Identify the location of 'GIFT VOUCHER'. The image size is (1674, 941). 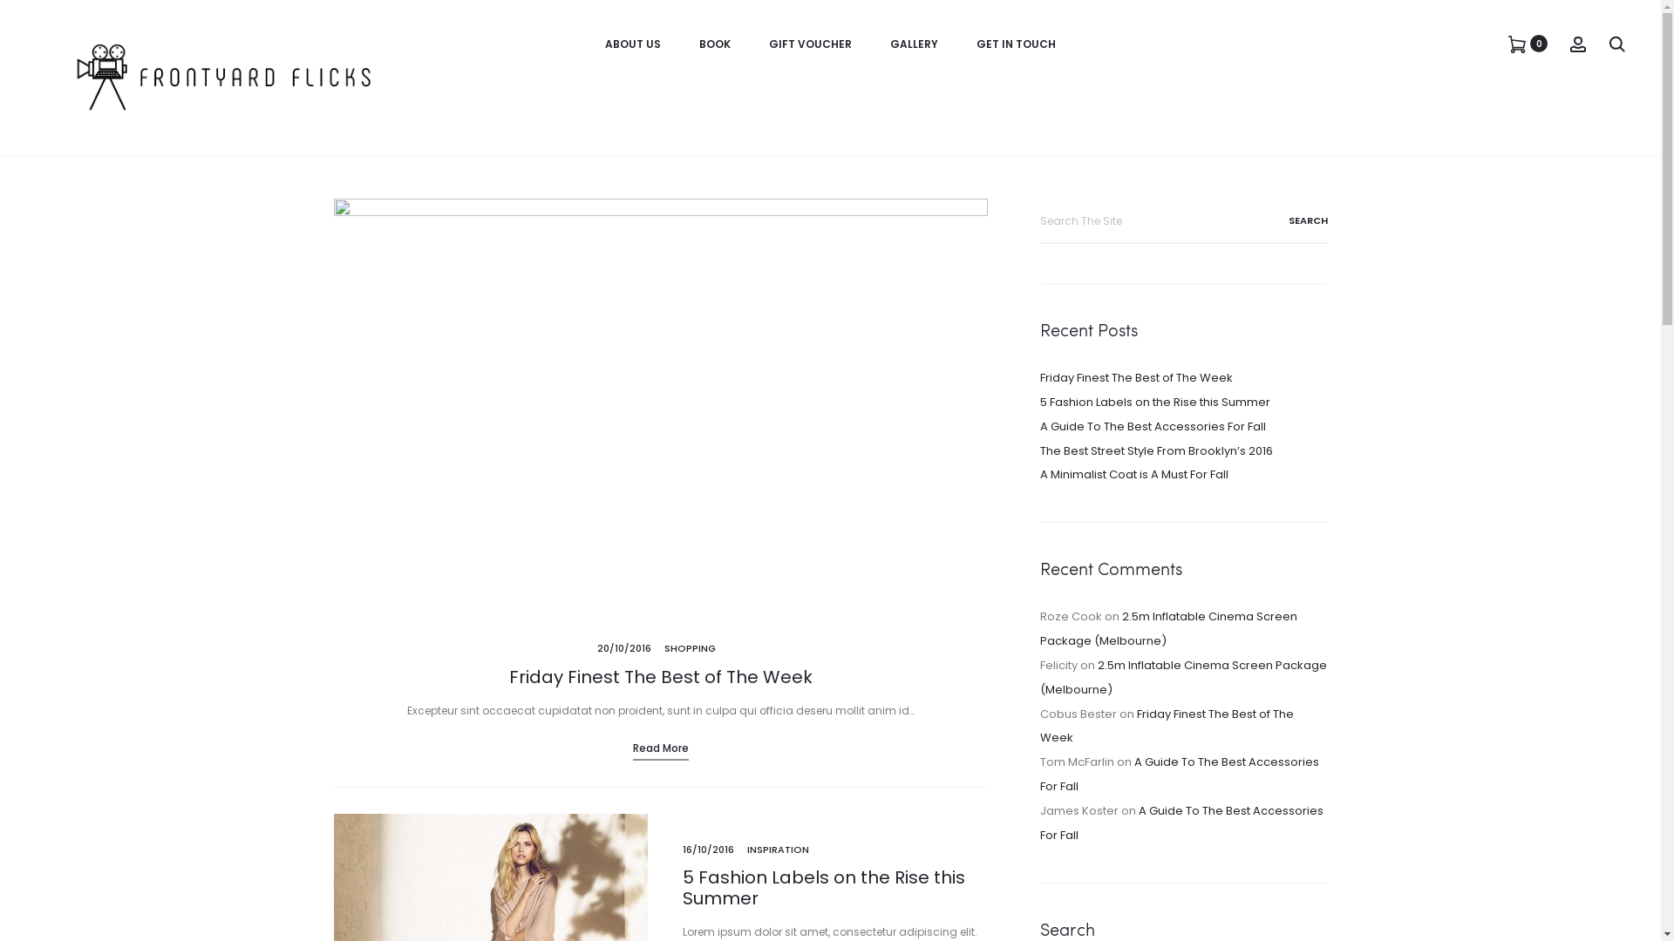
(809, 43).